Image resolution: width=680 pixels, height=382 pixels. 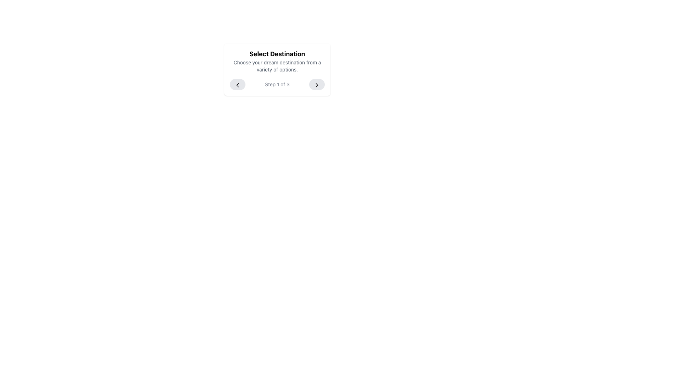 What do you see at coordinates (277, 66) in the screenshot?
I see `the descriptive text element that provides guidance below the title 'Select Destination'` at bounding box center [277, 66].